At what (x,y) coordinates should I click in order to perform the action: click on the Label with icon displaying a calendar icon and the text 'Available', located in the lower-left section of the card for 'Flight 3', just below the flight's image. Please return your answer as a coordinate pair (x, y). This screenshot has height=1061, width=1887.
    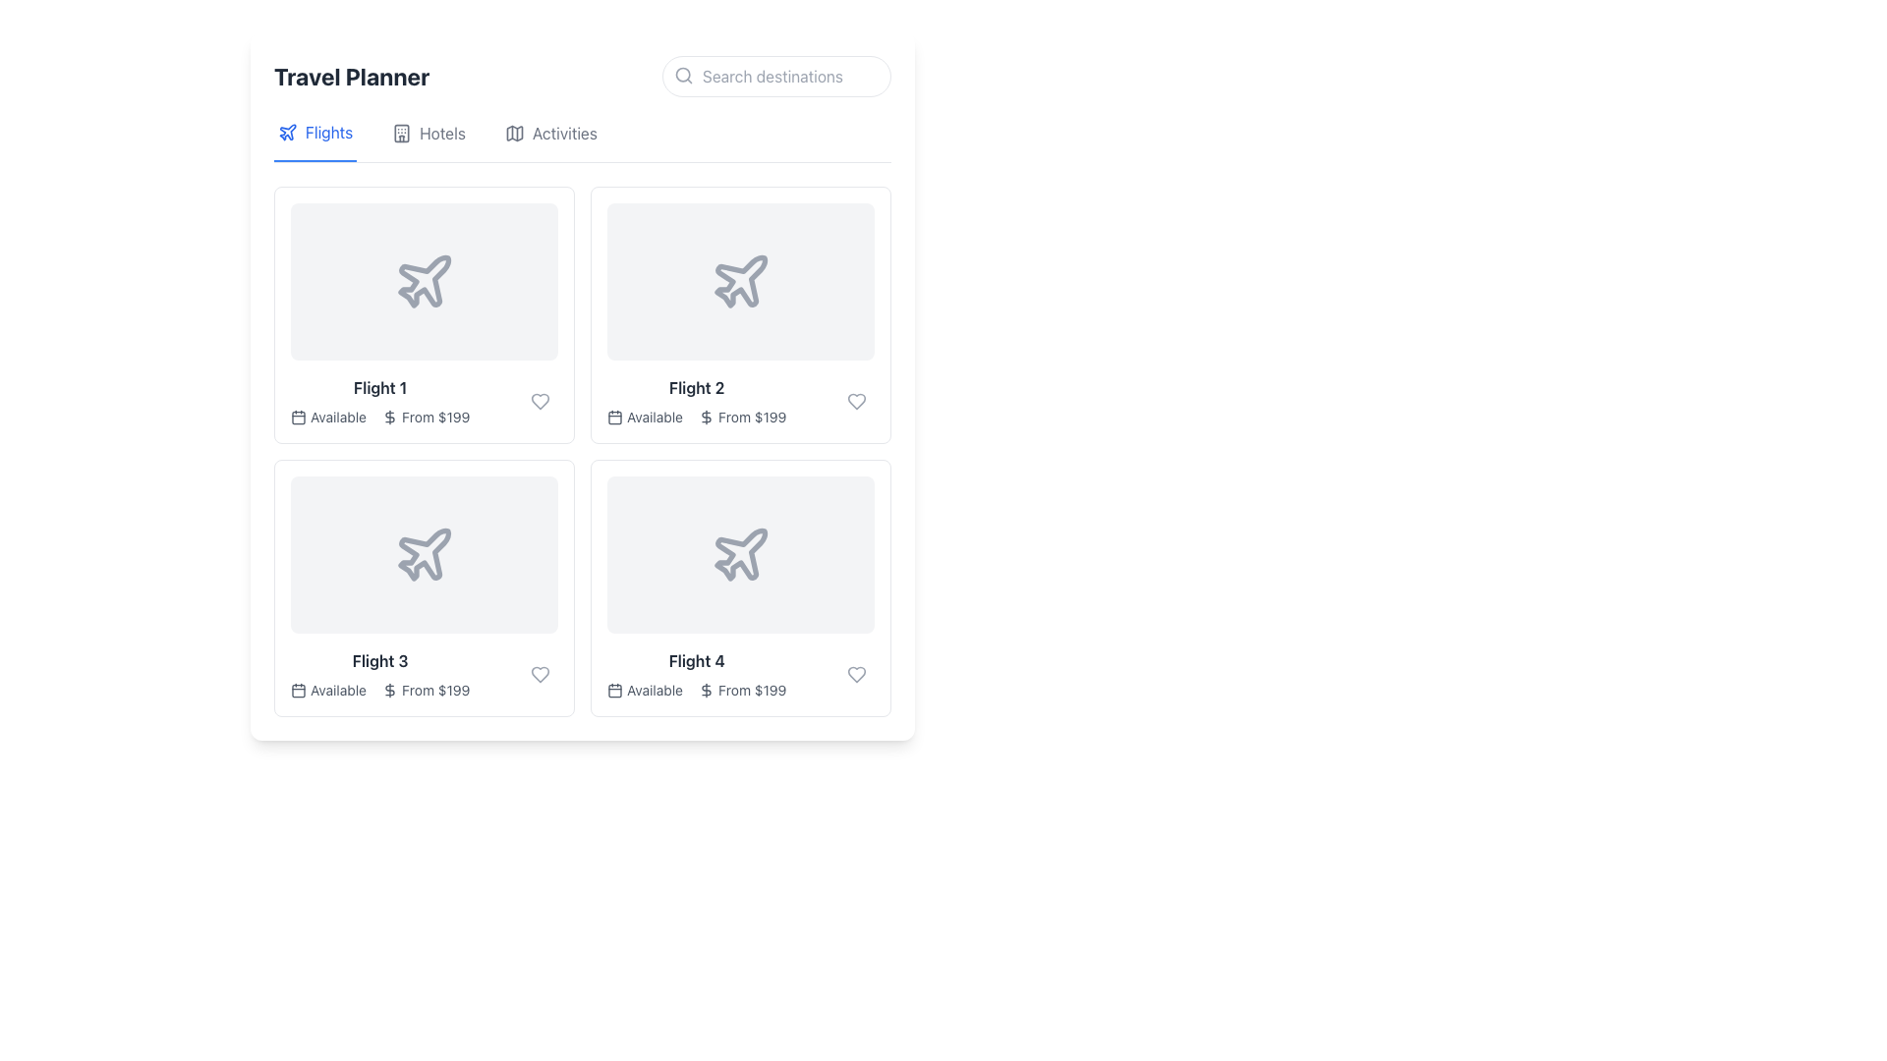
    Looking at the image, I should click on (328, 689).